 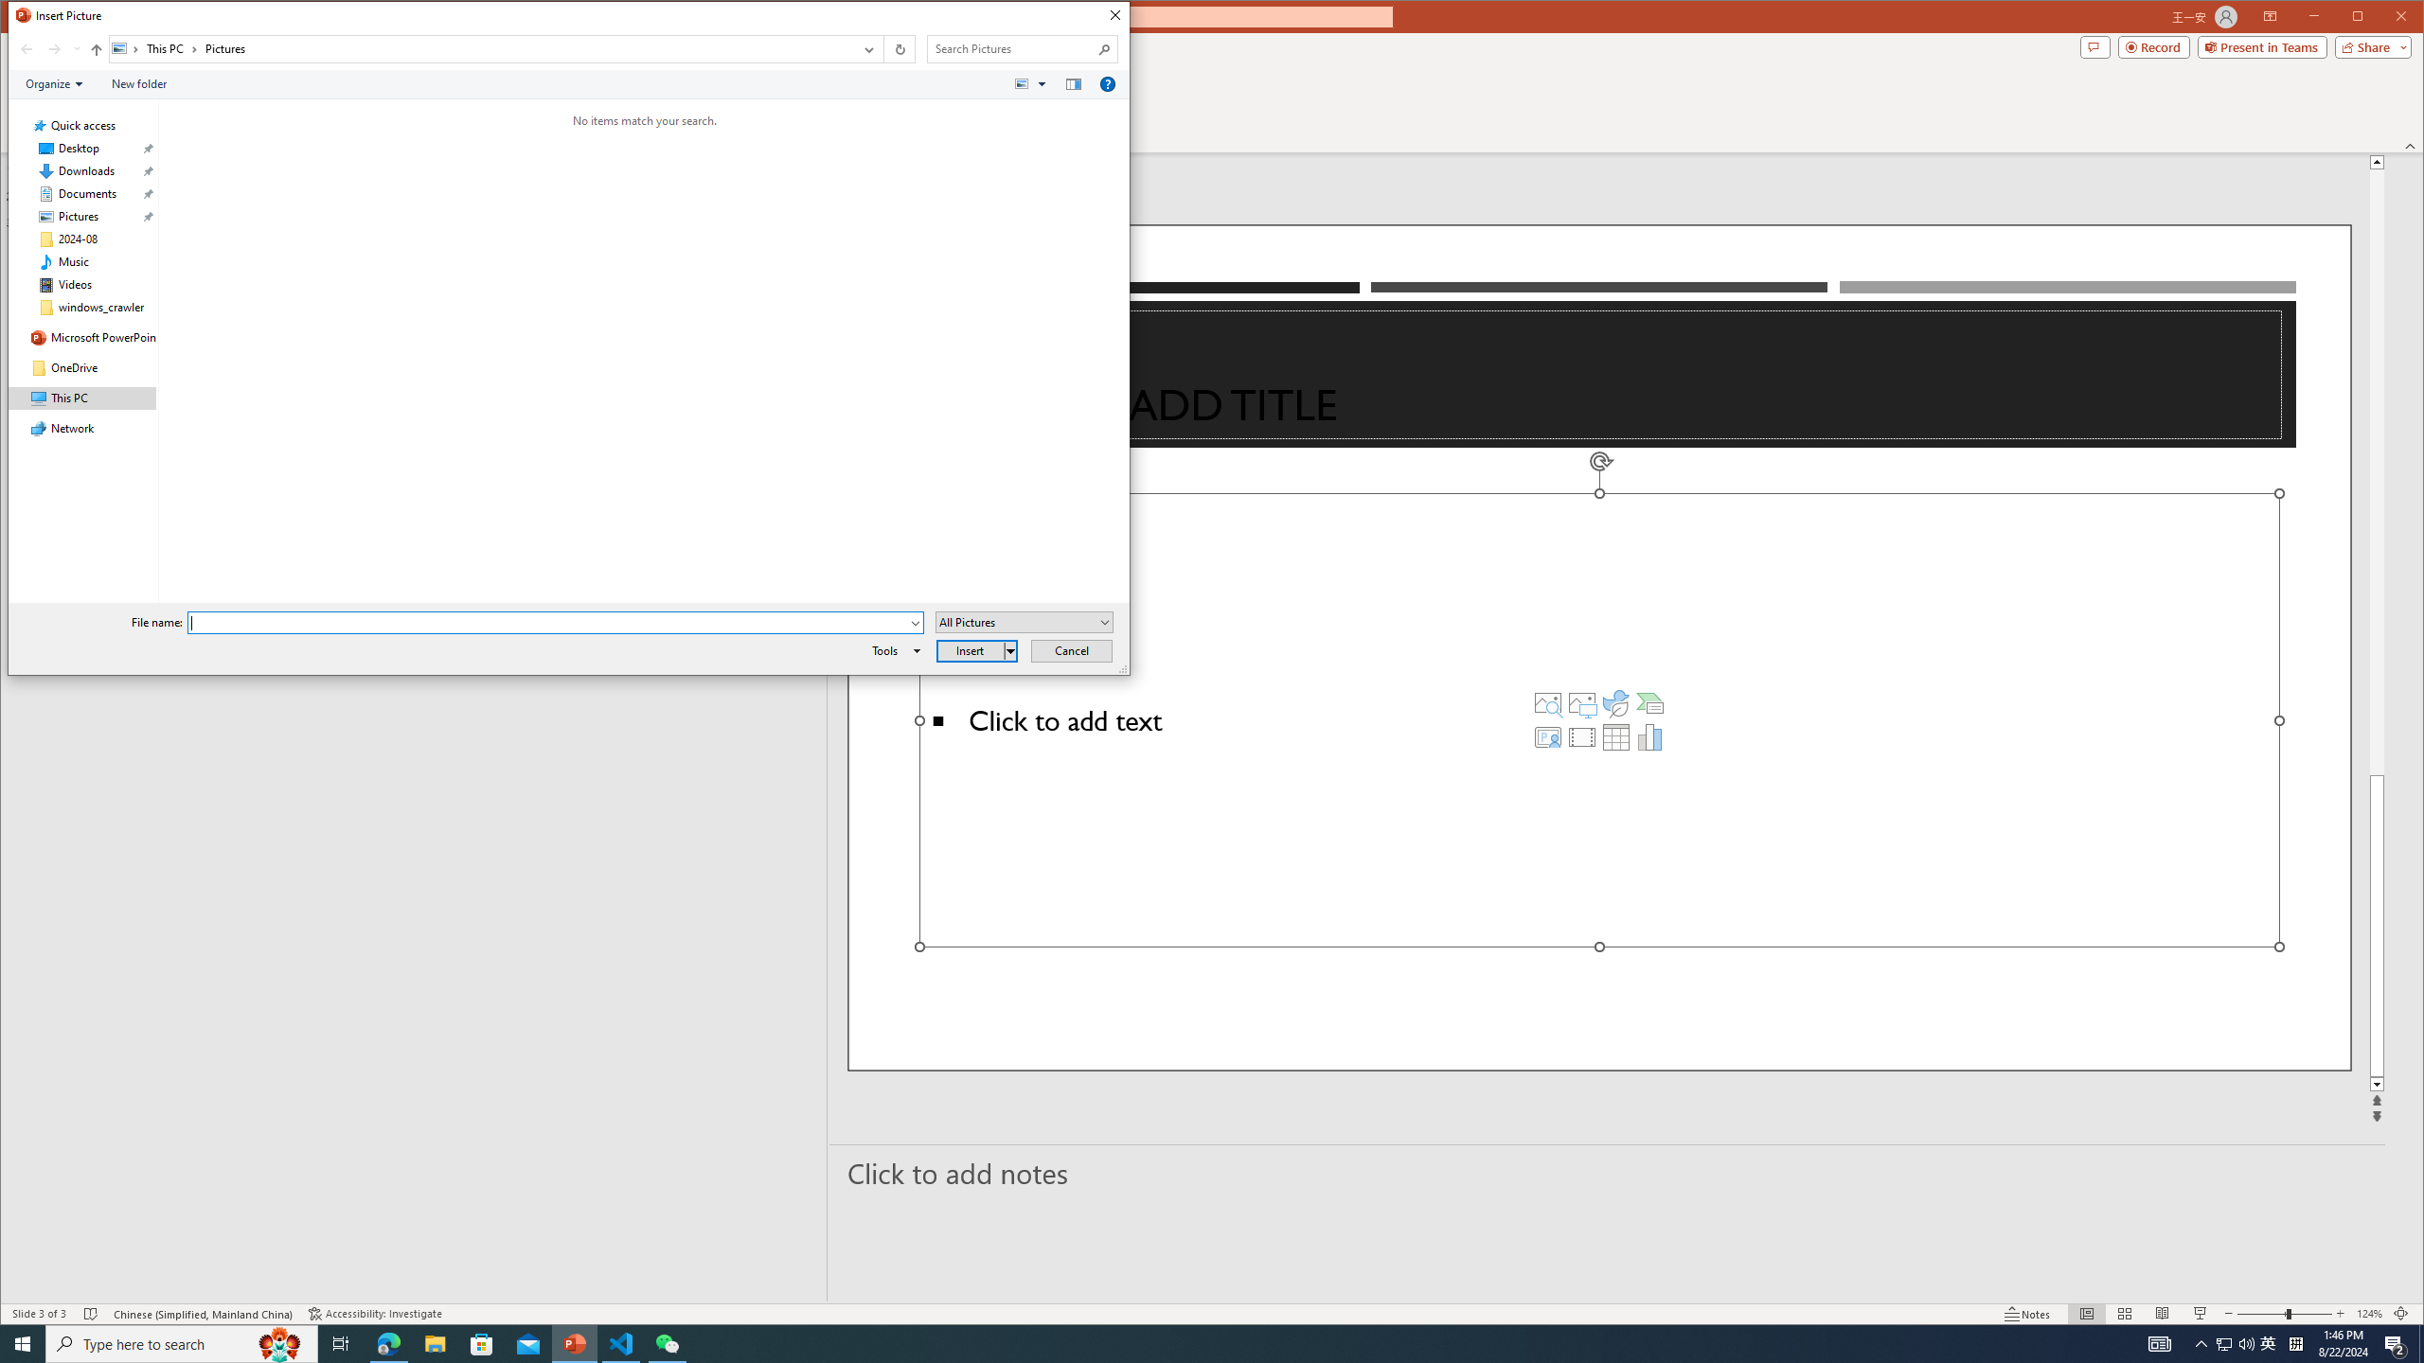 I want to click on 'Tools', so click(x=892, y=649).